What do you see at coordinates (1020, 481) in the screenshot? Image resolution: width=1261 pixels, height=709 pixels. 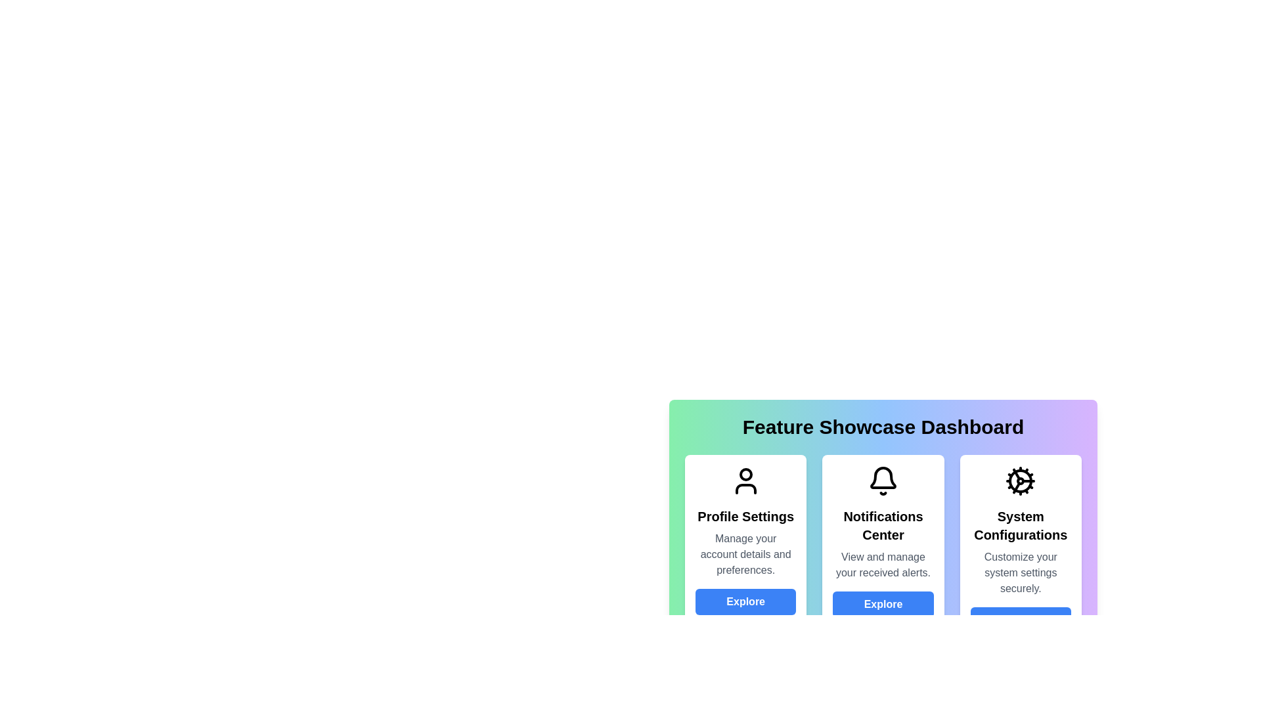 I see `the circular center of the cogwheel icon located in the third panel of the 'System Configurations' row on the feature showcase dashboard` at bounding box center [1020, 481].